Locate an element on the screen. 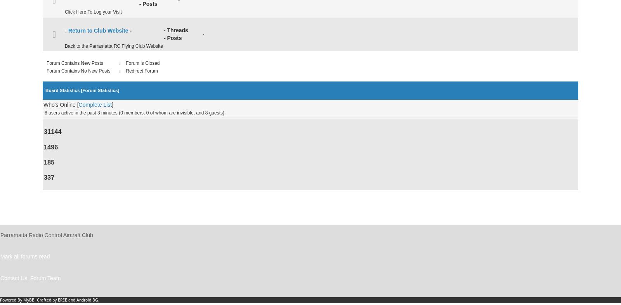 The image size is (621, 305). '337' is located at coordinates (49, 177).